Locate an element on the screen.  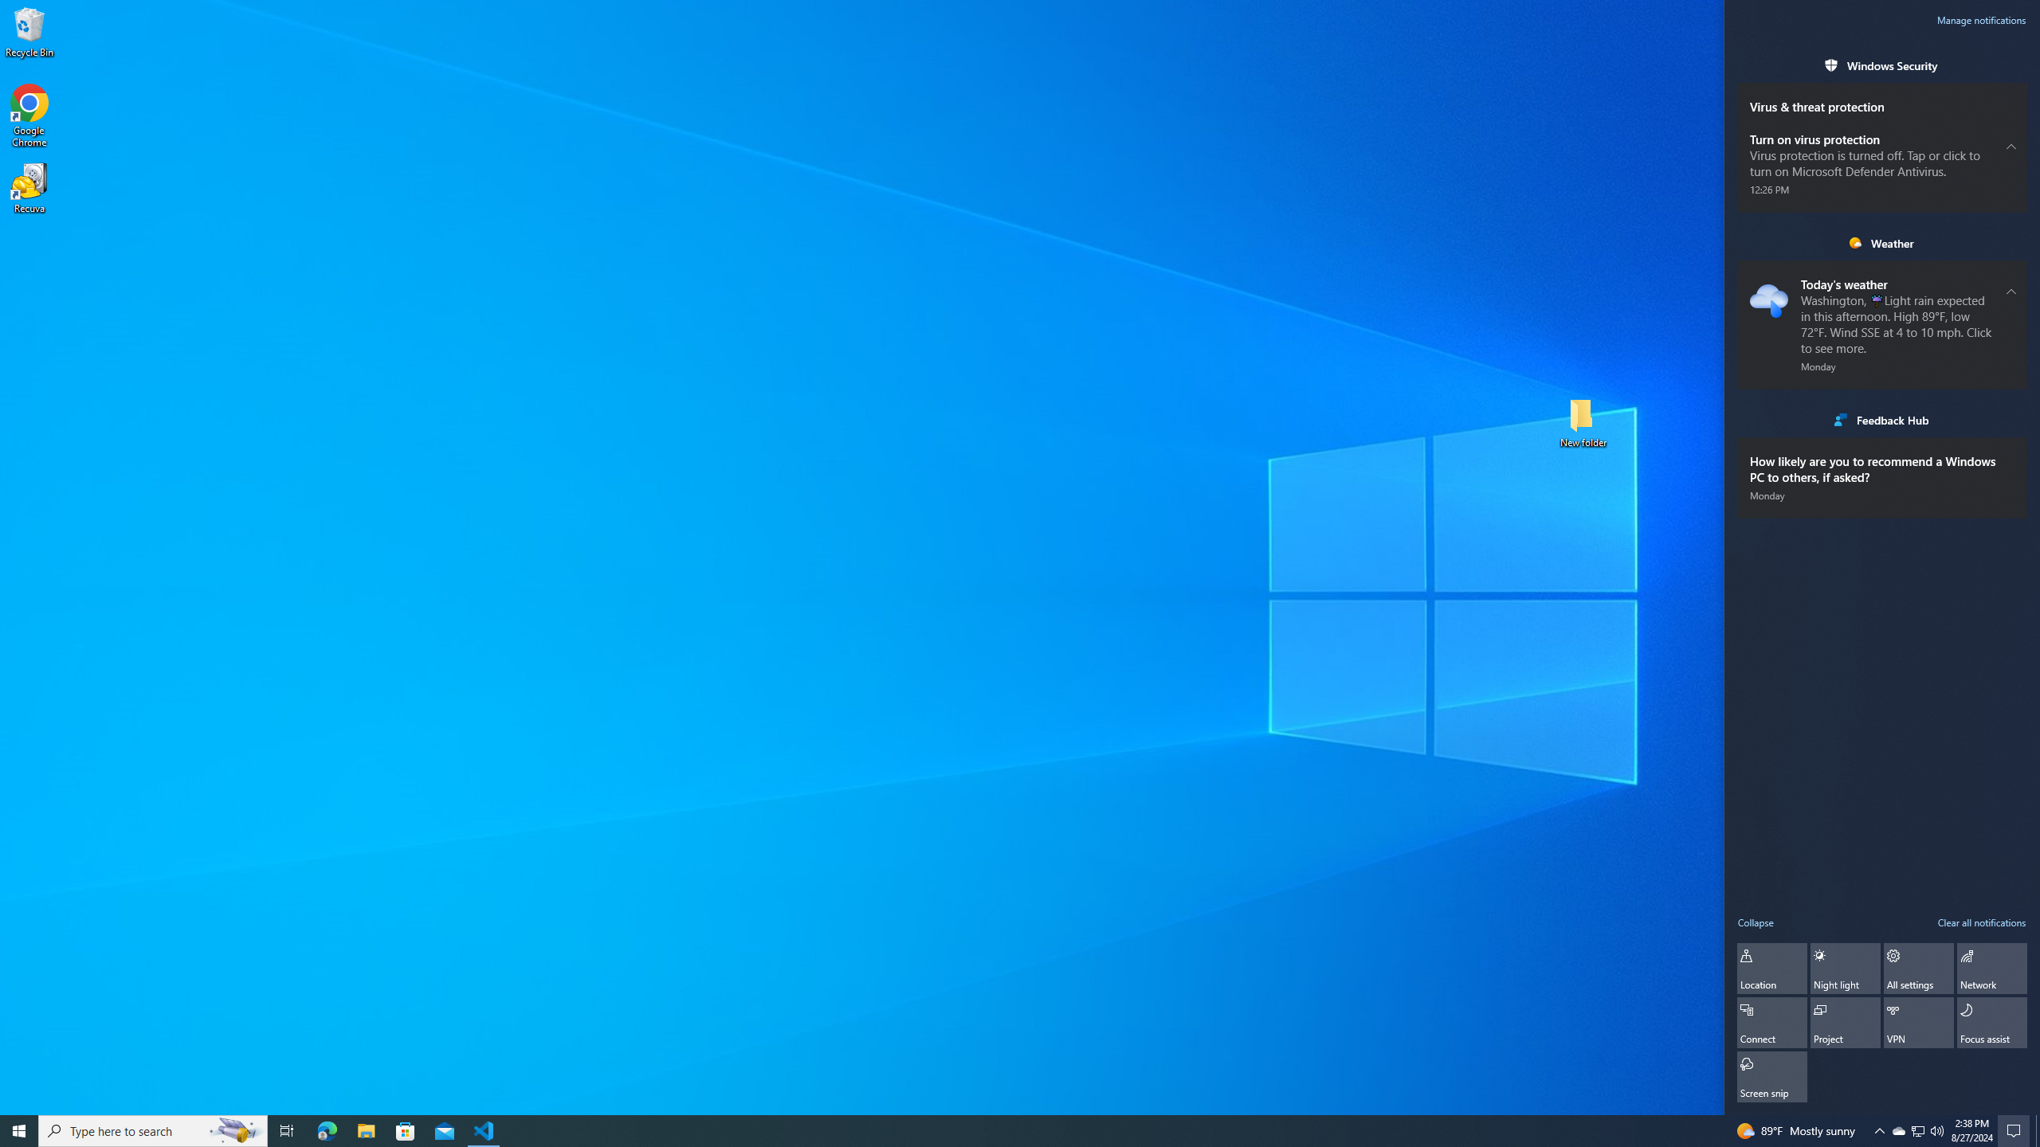
'User Promoted Notification Area' is located at coordinates (1916, 1129).